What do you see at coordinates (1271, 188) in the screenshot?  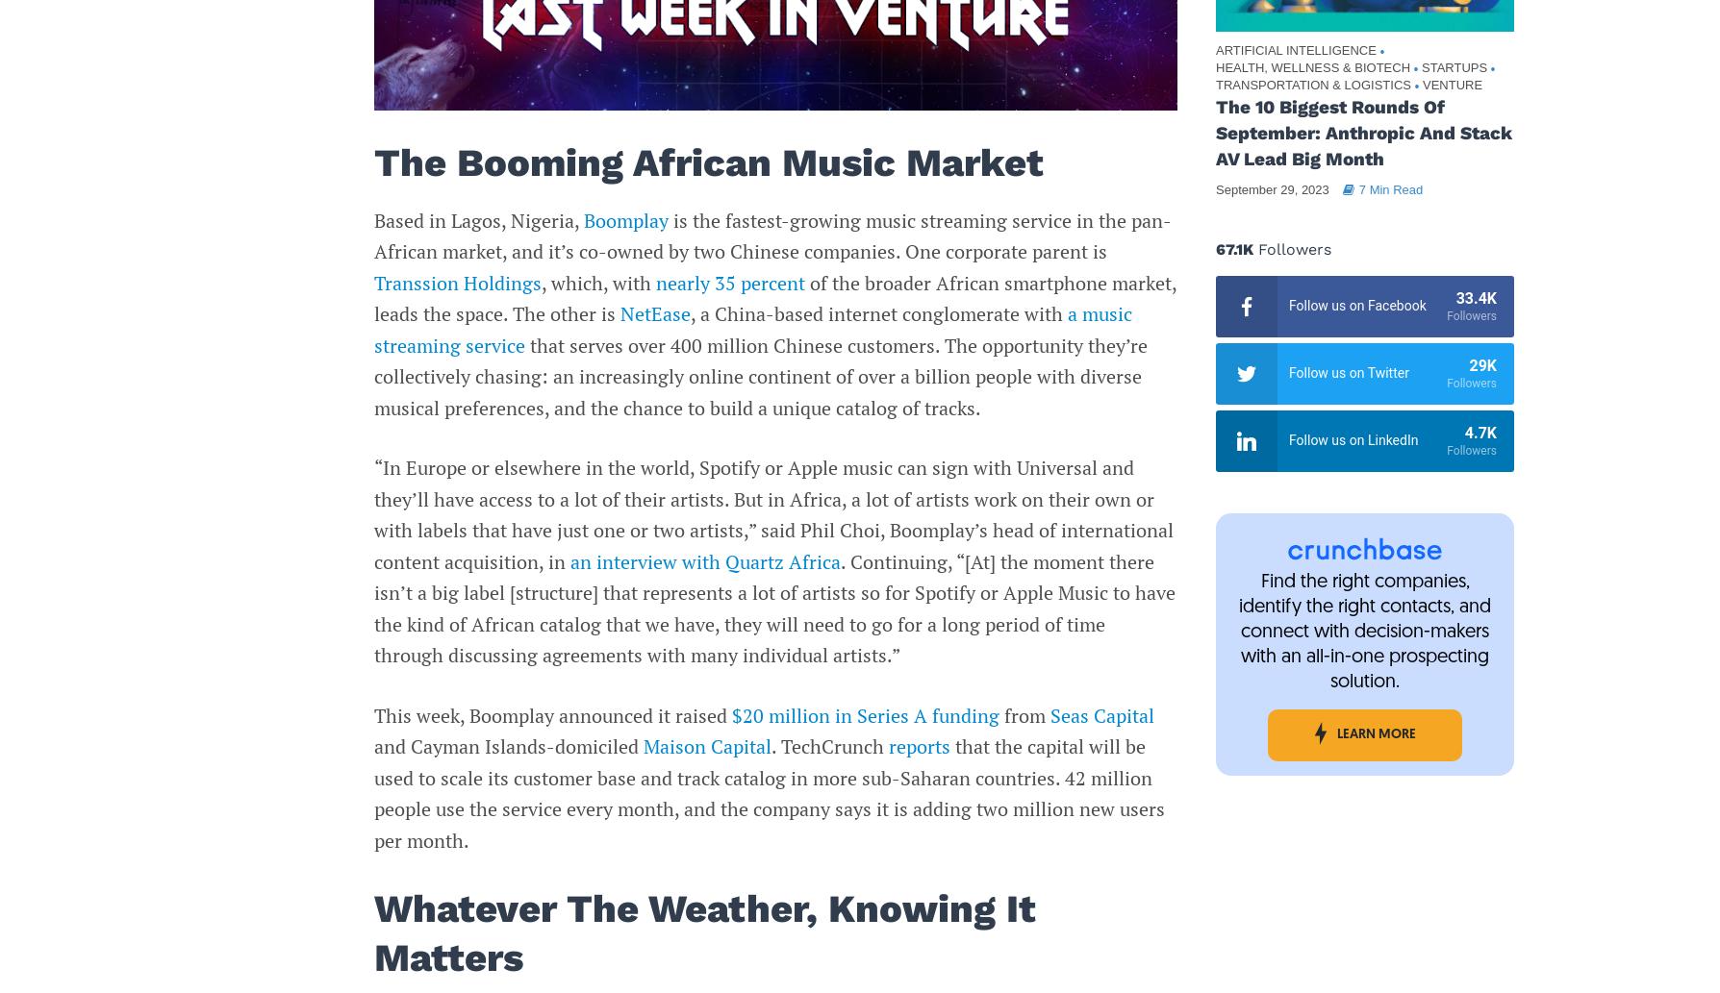 I see `'September 29, 2023'` at bounding box center [1271, 188].